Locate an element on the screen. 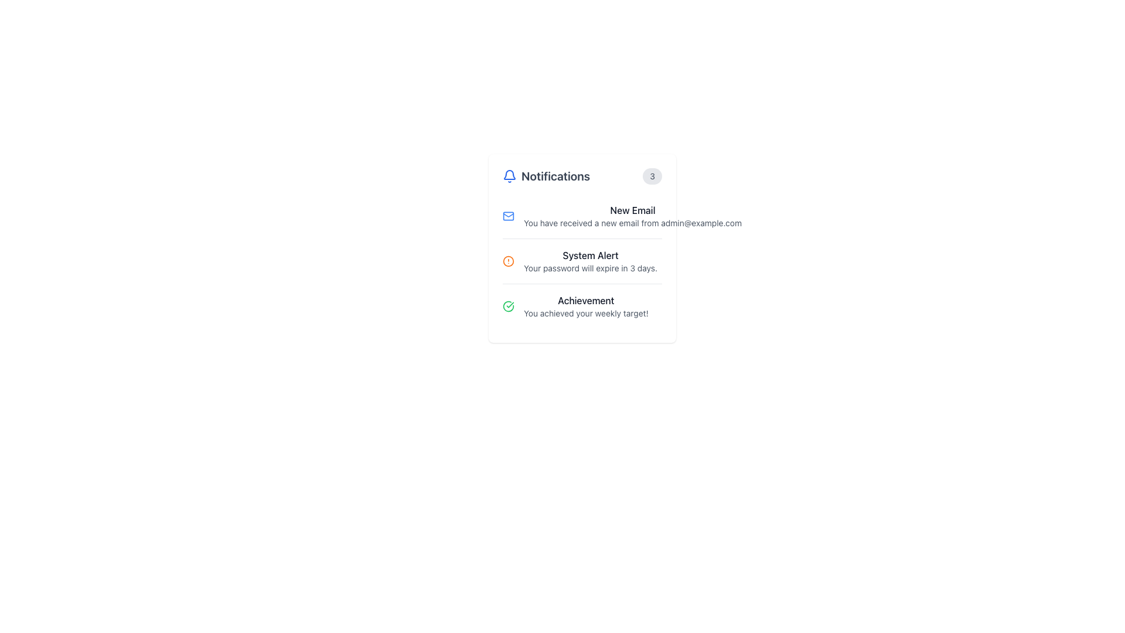  the title text element that serves as a header for the notifications section, situated to the right of a blue notification bell icon and above the list of notification items is located at coordinates (555, 176).